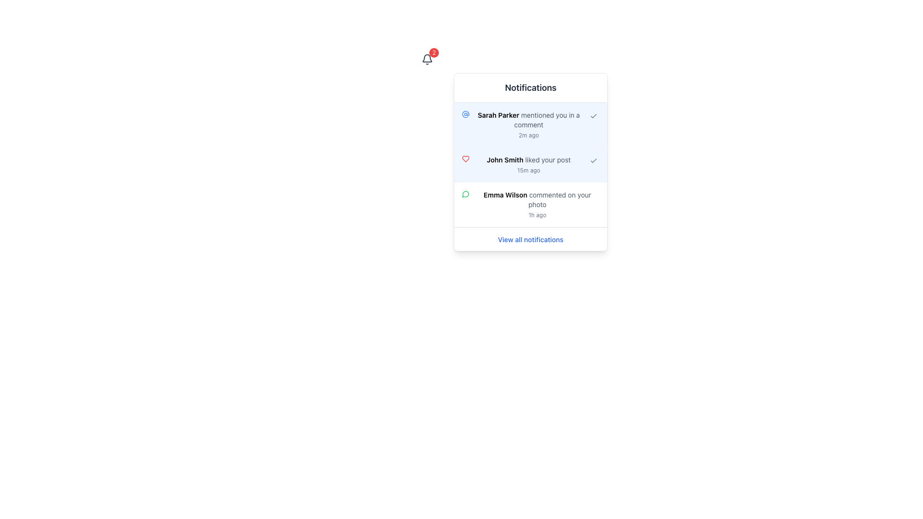 The height and width of the screenshot is (519, 923). What do you see at coordinates (466, 114) in the screenshot?
I see `the blue '@' icon located at the top-left corner of the first notification item in the notification list` at bounding box center [466, 114].